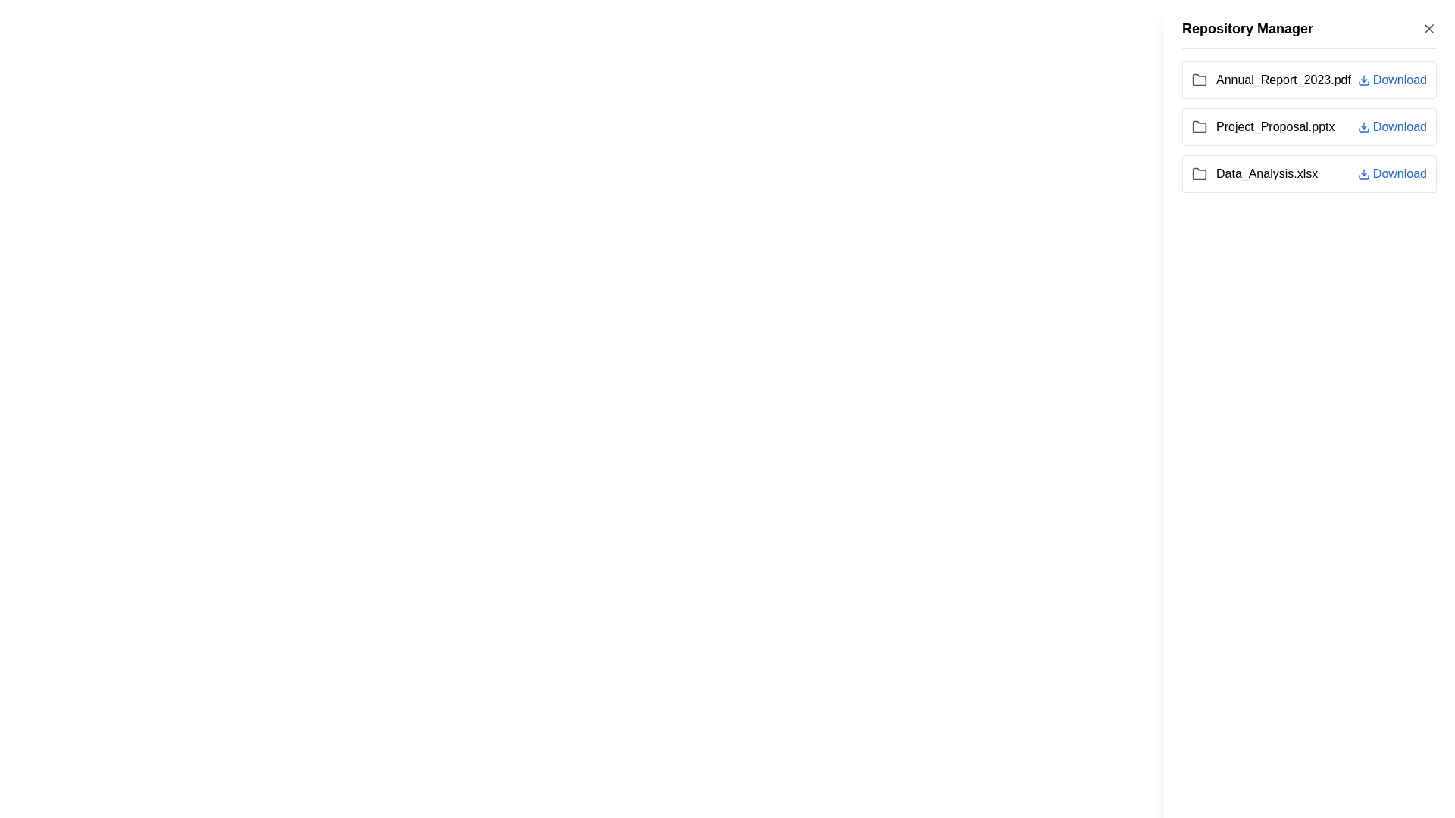 The width and height of the screenshot is (1455, 818). I want to click on on the text label representing the third file in the vertical list, located, so click(1267, 173).